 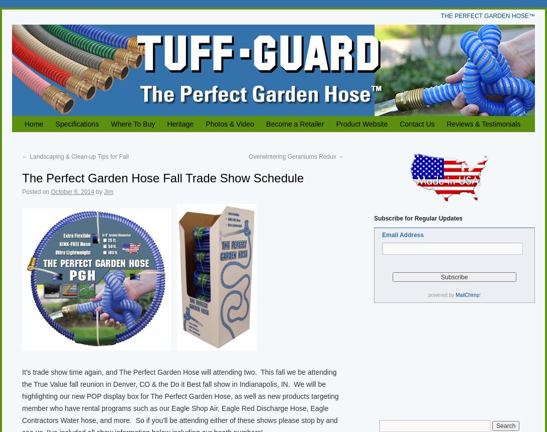 I want to click on 'Subscribe for Regular Updates', so click(x=373, y=218).